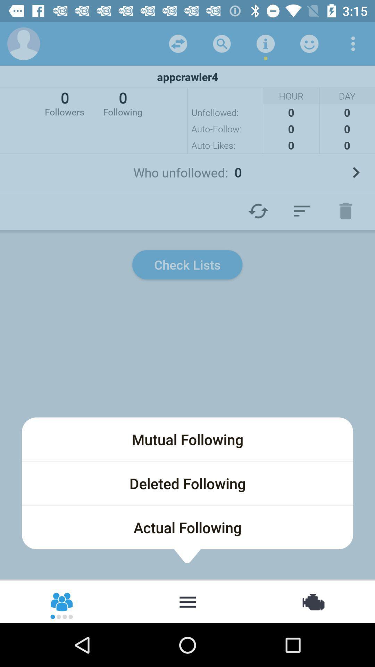 Image resolution: width=375 pixels, height=667 pixels. Describe the element at coordinates (309, 43) in the screenshot. I see `the item above the appcrawler4` at that location.